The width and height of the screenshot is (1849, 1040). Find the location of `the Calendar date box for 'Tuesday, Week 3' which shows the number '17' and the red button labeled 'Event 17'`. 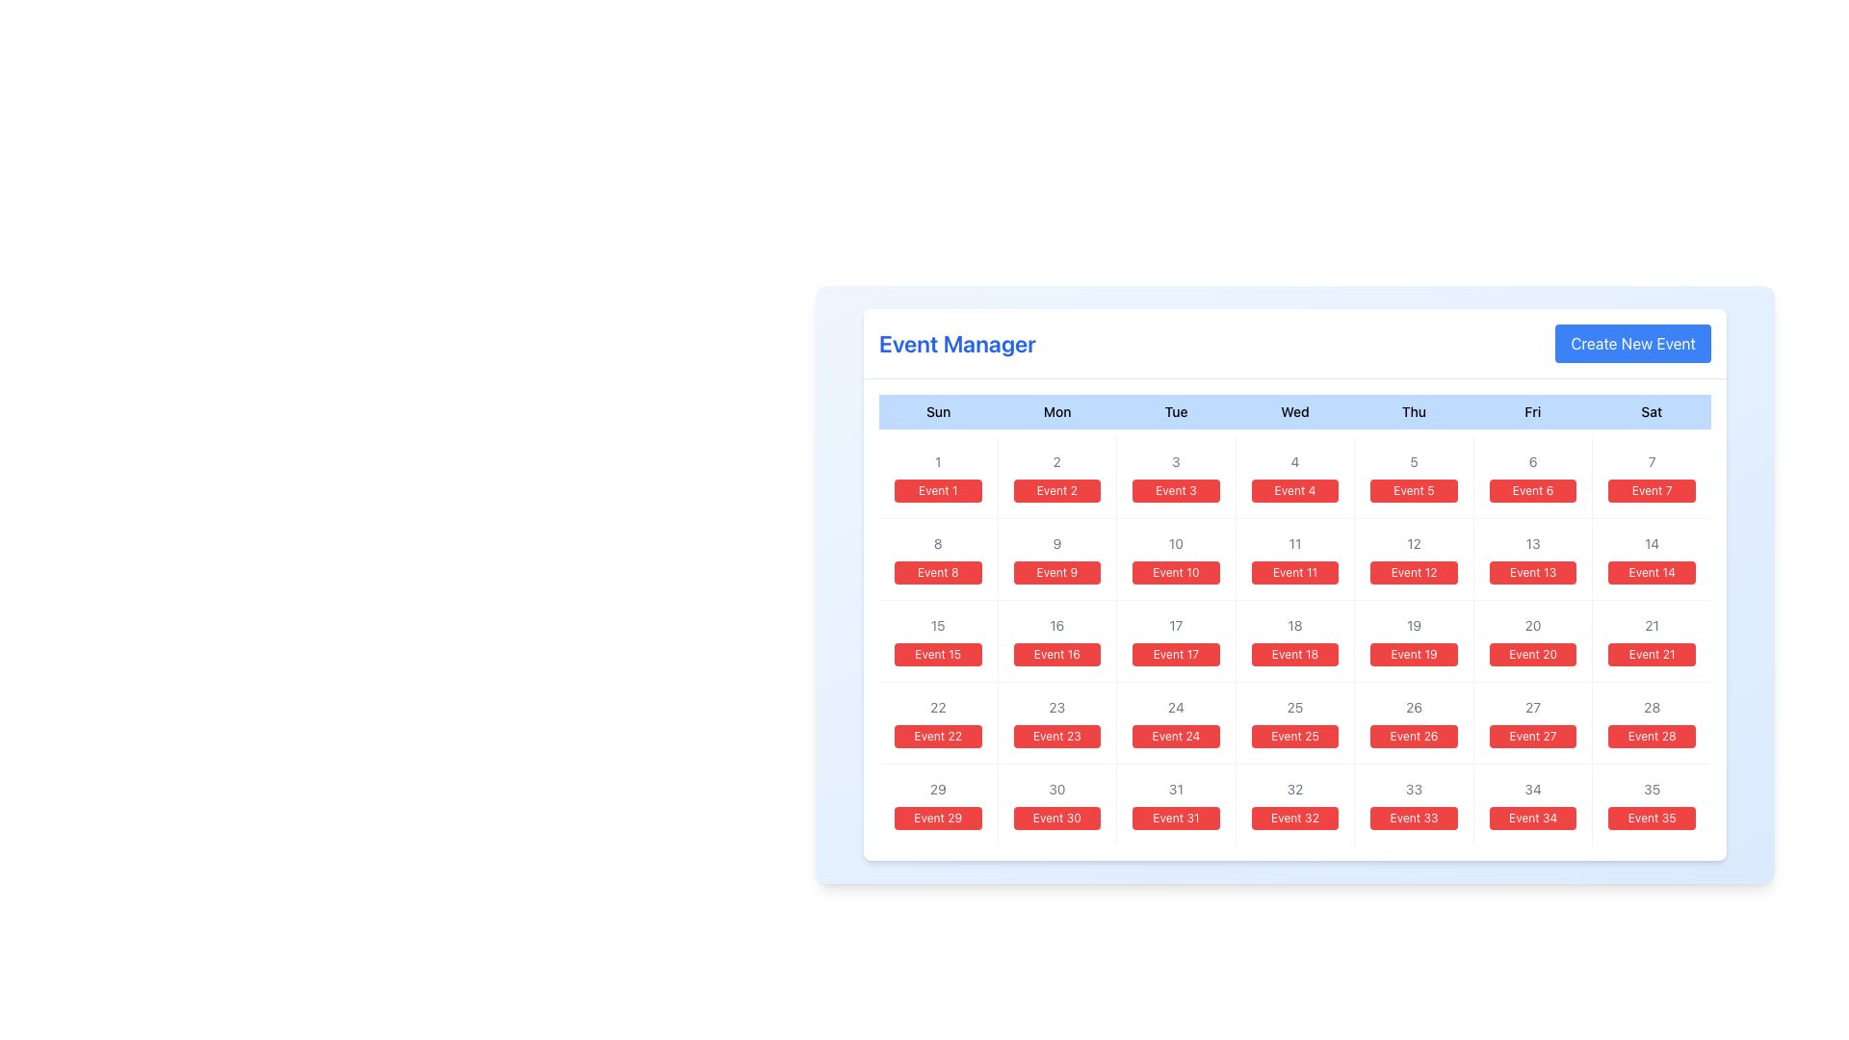

the Calendar date box for 'Tuesday, Week 3' which shows the number '17' and the red button labeled 'Event 17' is located at coordinates (1175, 641).